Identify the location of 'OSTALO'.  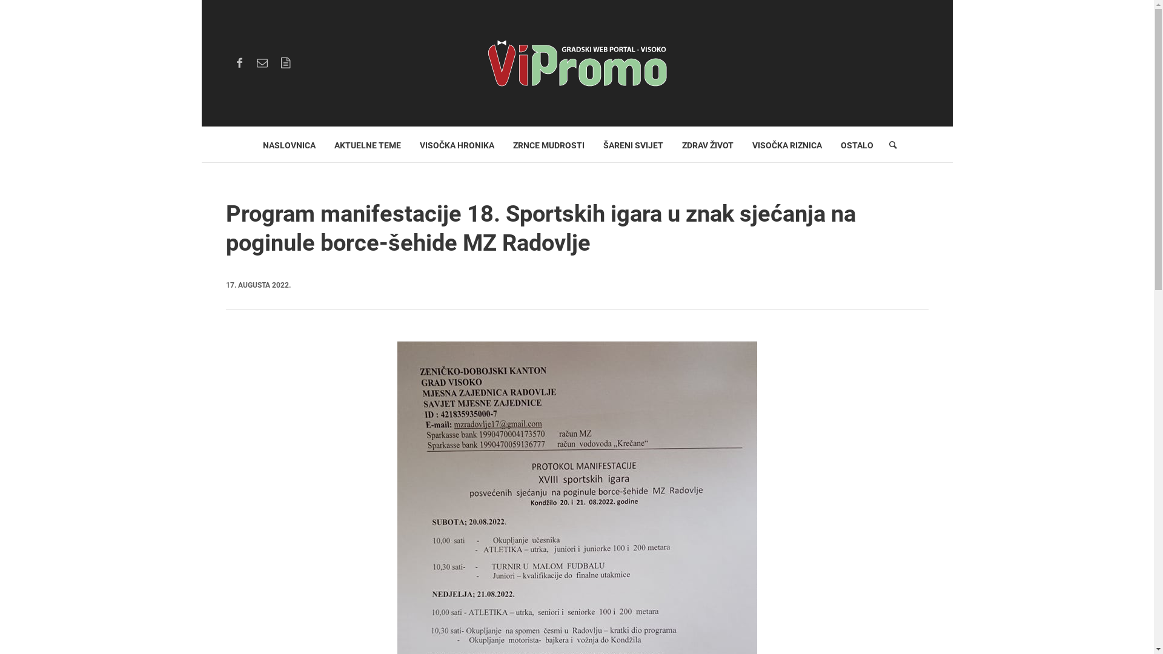
(857, 144).